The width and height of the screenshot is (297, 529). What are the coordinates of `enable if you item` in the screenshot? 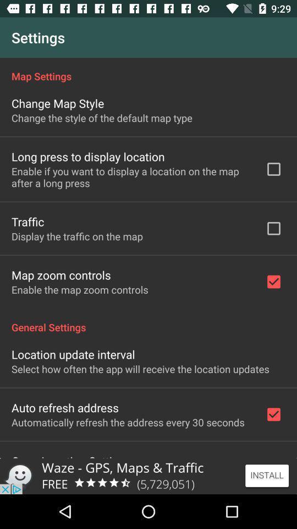 It's located at (131, 177).